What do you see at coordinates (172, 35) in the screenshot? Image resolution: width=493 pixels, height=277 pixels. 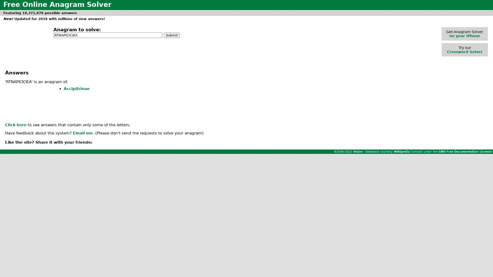 I see `Submit` at bounding box center [172, 35].